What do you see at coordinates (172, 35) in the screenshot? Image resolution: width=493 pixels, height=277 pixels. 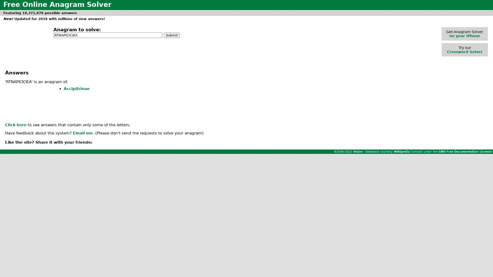 I see `Submit` at bounding box center [172, 35].